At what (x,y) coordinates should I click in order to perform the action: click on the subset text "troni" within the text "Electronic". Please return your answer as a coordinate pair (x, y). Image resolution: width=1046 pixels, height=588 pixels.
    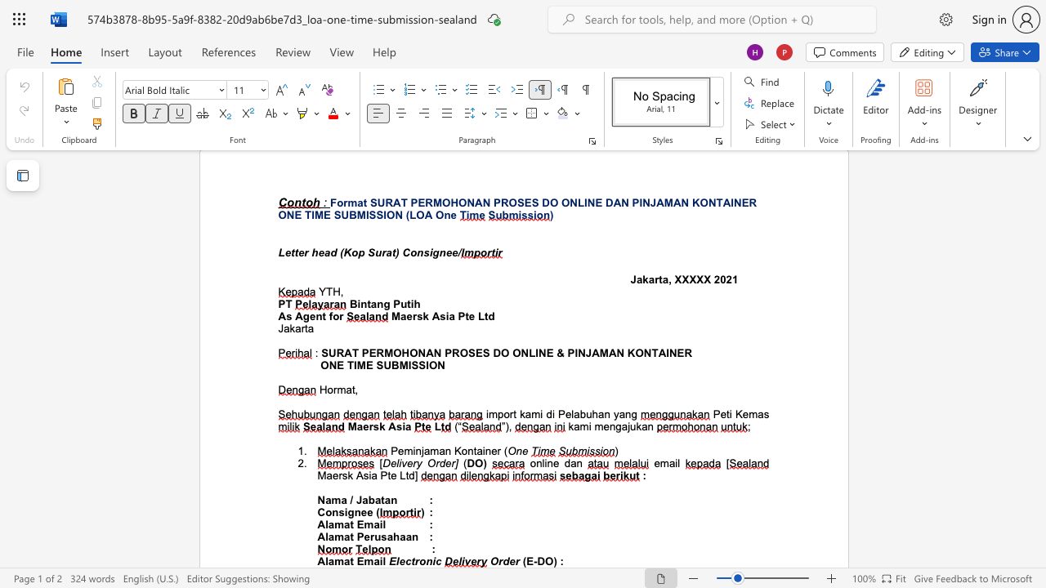
    Looking at the image, I should click on (411, 560).